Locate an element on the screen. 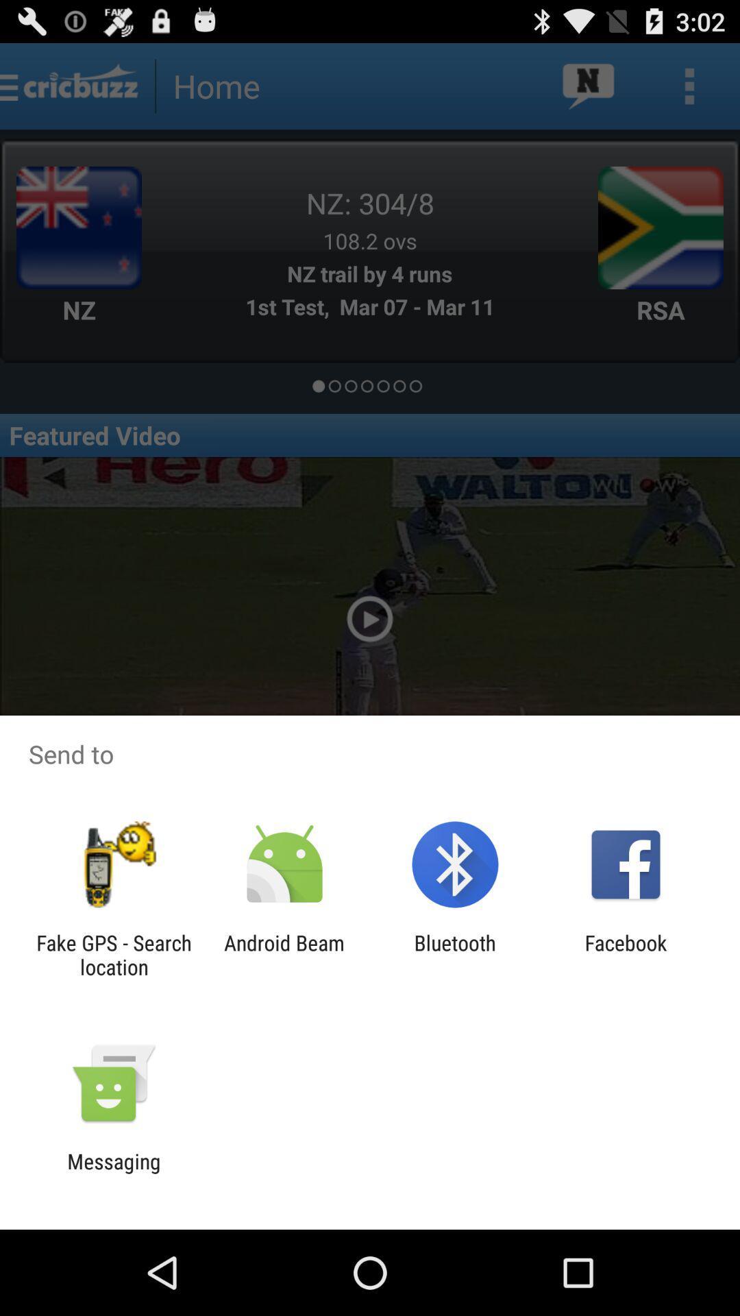 Image resolution: width=740 pixels, height=1316 pixels. item to the right of fake gps search app is located at coordinates (284, 954).